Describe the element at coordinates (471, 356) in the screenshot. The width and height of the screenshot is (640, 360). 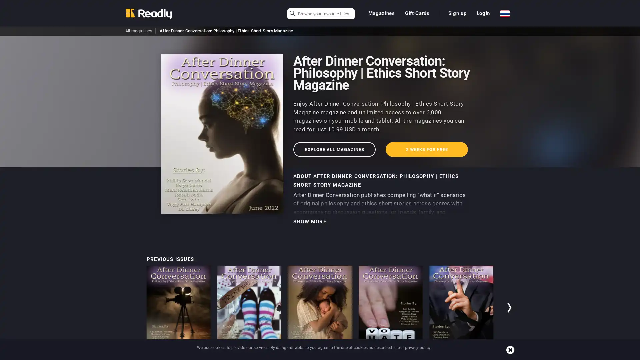
I see `3` at that location.